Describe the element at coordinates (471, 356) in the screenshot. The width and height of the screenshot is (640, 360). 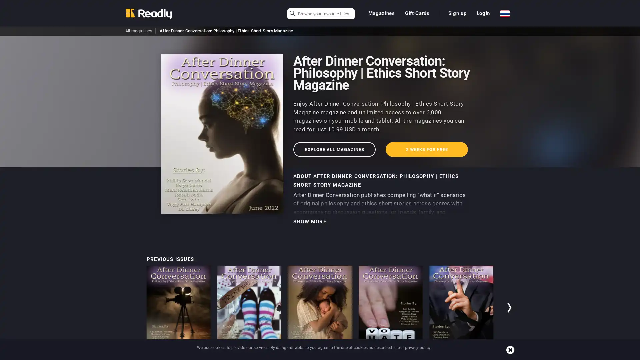
I see `3` at that location.